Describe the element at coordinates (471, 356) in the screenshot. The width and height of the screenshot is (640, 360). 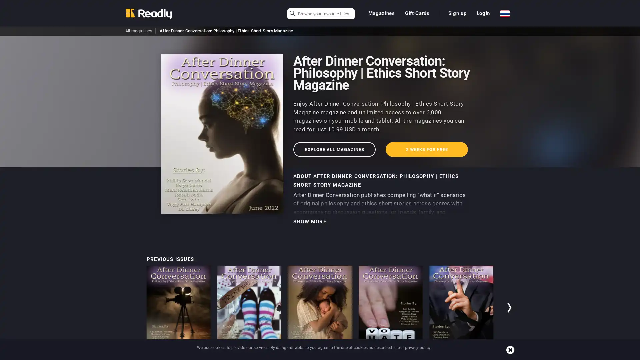
I see `3` at that location.